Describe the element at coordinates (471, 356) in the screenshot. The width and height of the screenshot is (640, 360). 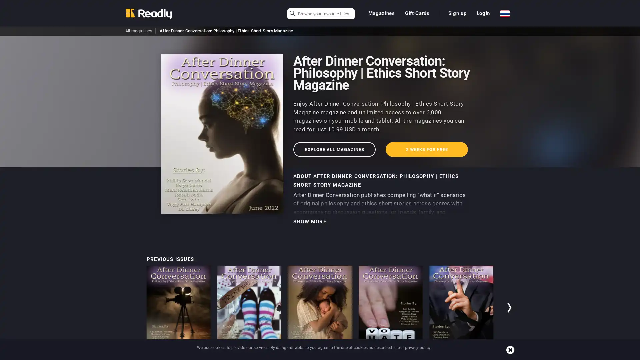
I see `3` at that location.